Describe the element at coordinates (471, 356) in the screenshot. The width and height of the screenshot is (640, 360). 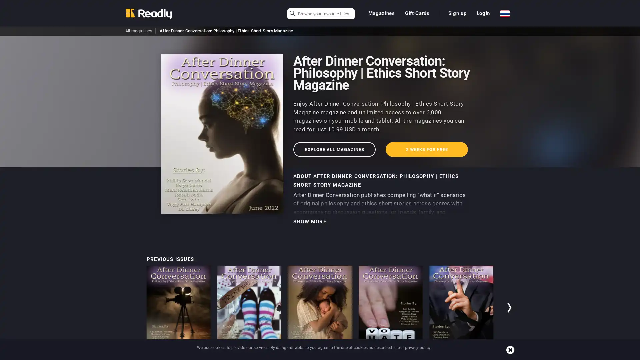
I see `3` at that location.